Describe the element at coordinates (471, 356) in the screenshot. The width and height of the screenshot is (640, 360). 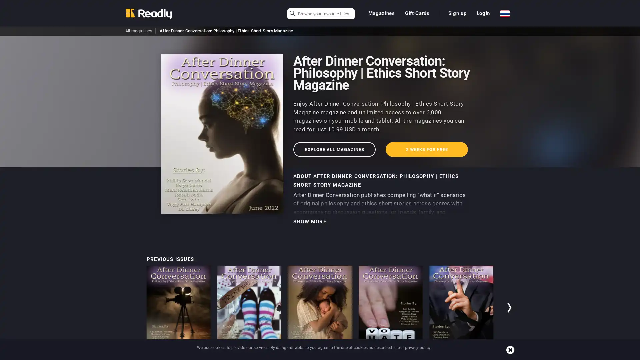
I see `3` at that location.